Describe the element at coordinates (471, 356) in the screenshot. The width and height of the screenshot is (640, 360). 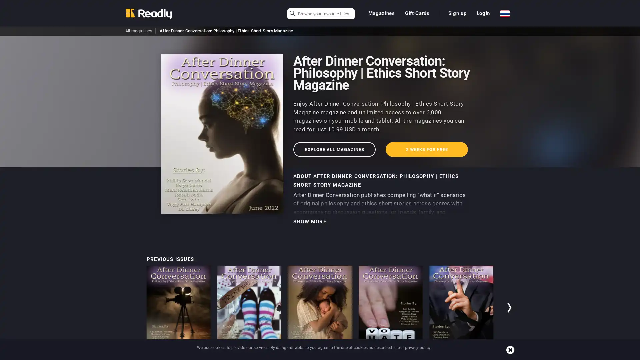
I see `3` at that location.